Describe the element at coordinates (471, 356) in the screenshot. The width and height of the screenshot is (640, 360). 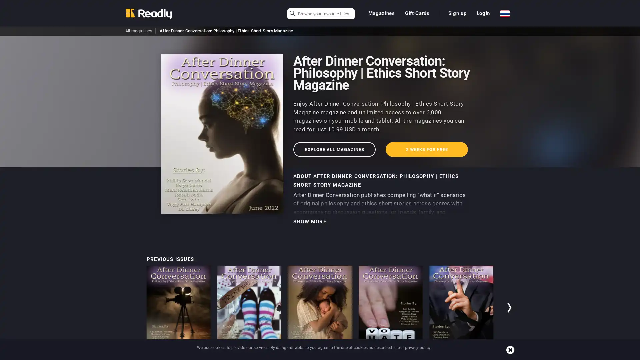
I see `3` at that location.